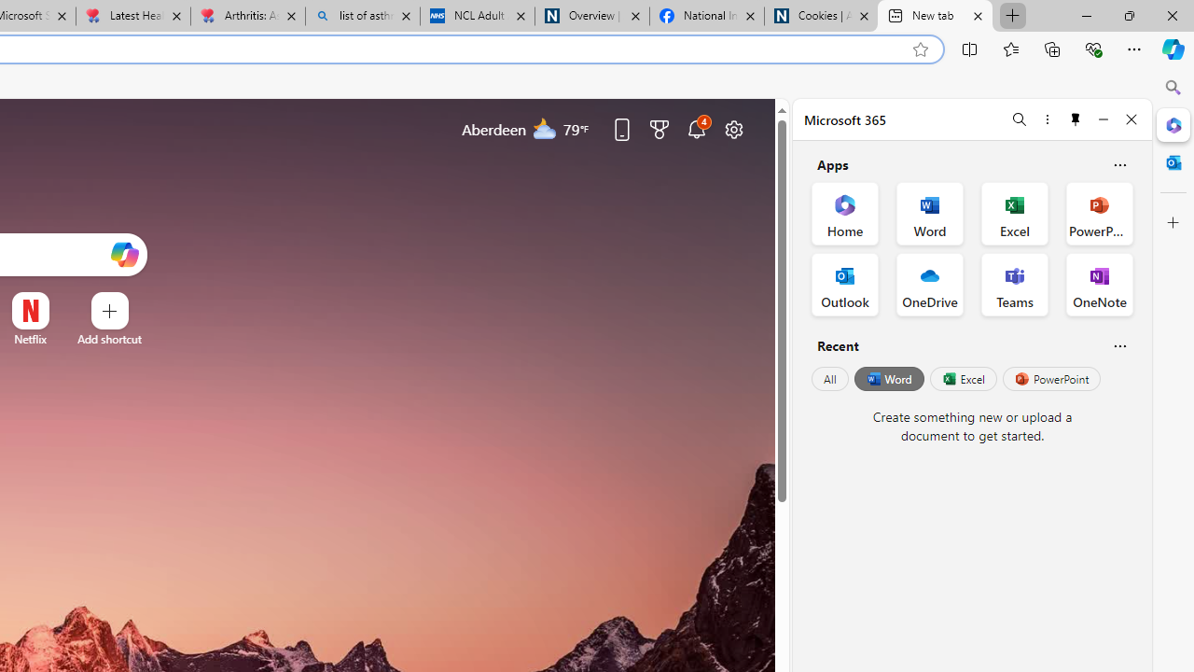 The height and width of the screenshot is (672, 1194). Describe the element at coordinates (844, 212) in the screenshot. I see `'Home Office App'` at that location.